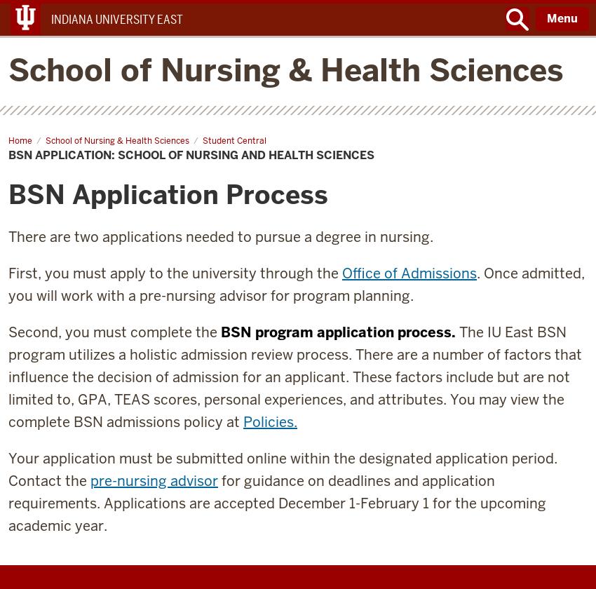 This screenshot has height=589, width=596. Describe the element at coordinates (7, 140) in the screenshot. I see `'Home'` at that location.